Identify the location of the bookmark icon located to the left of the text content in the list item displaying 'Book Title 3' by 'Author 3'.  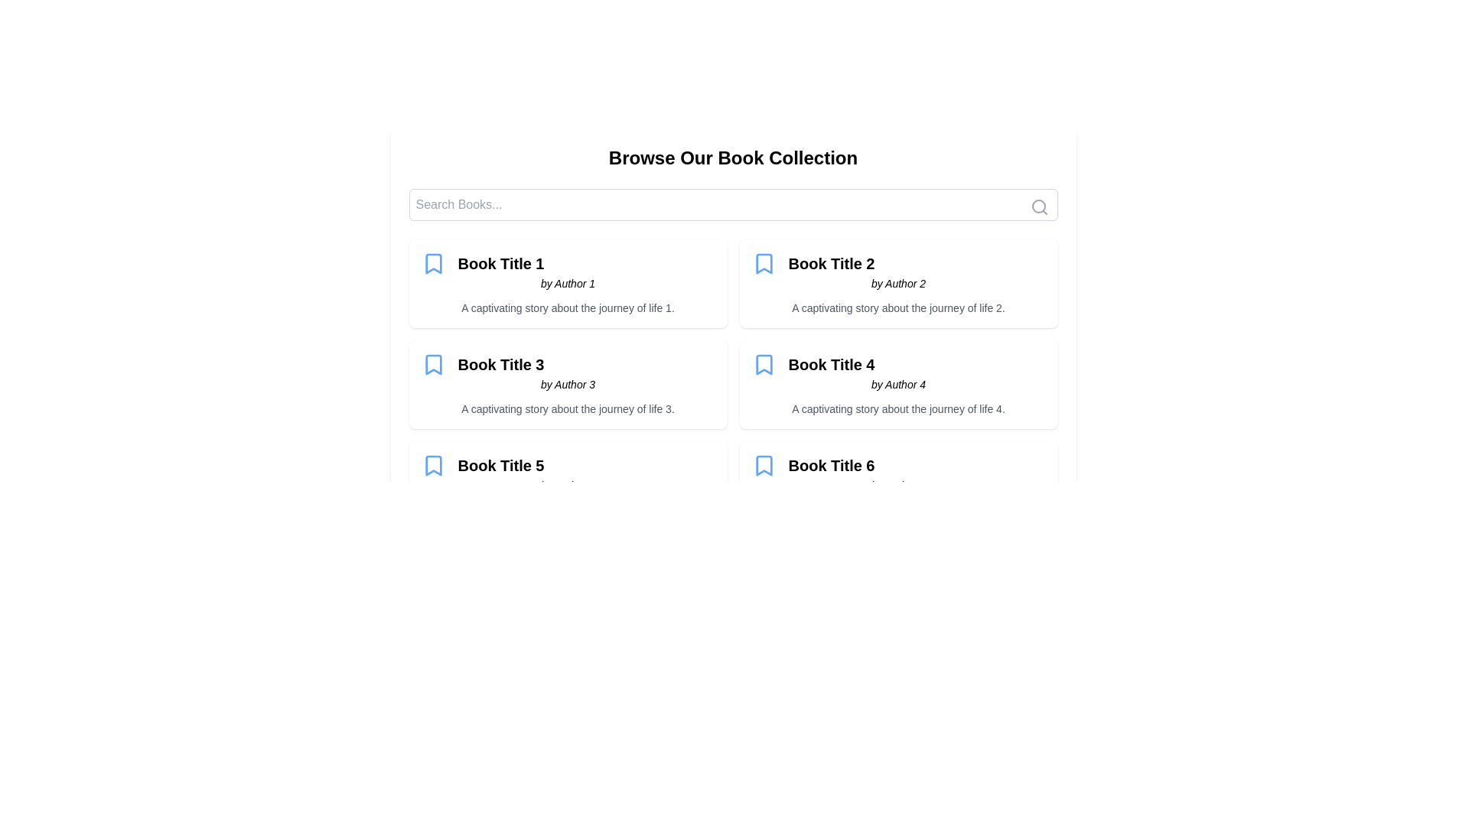
(432, 365).